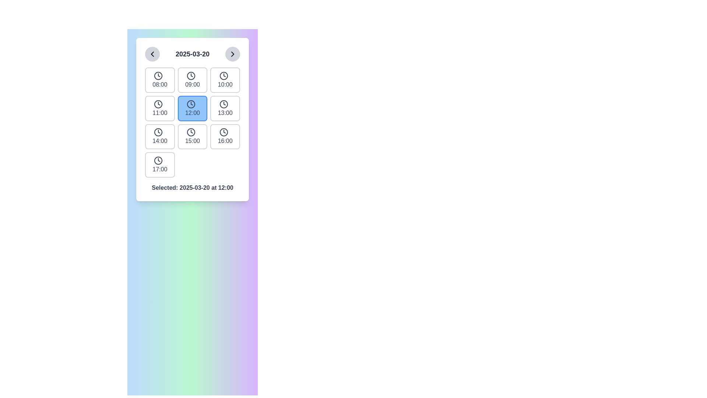 Image resolution: width=707 pixels, height=398 pixels. What do you see at coordinates (158, 160) in the screenshot?
I see `the circular stroke within the SVG clock icon associated with the time slot '17:00'` at bounding box center [158, 160].